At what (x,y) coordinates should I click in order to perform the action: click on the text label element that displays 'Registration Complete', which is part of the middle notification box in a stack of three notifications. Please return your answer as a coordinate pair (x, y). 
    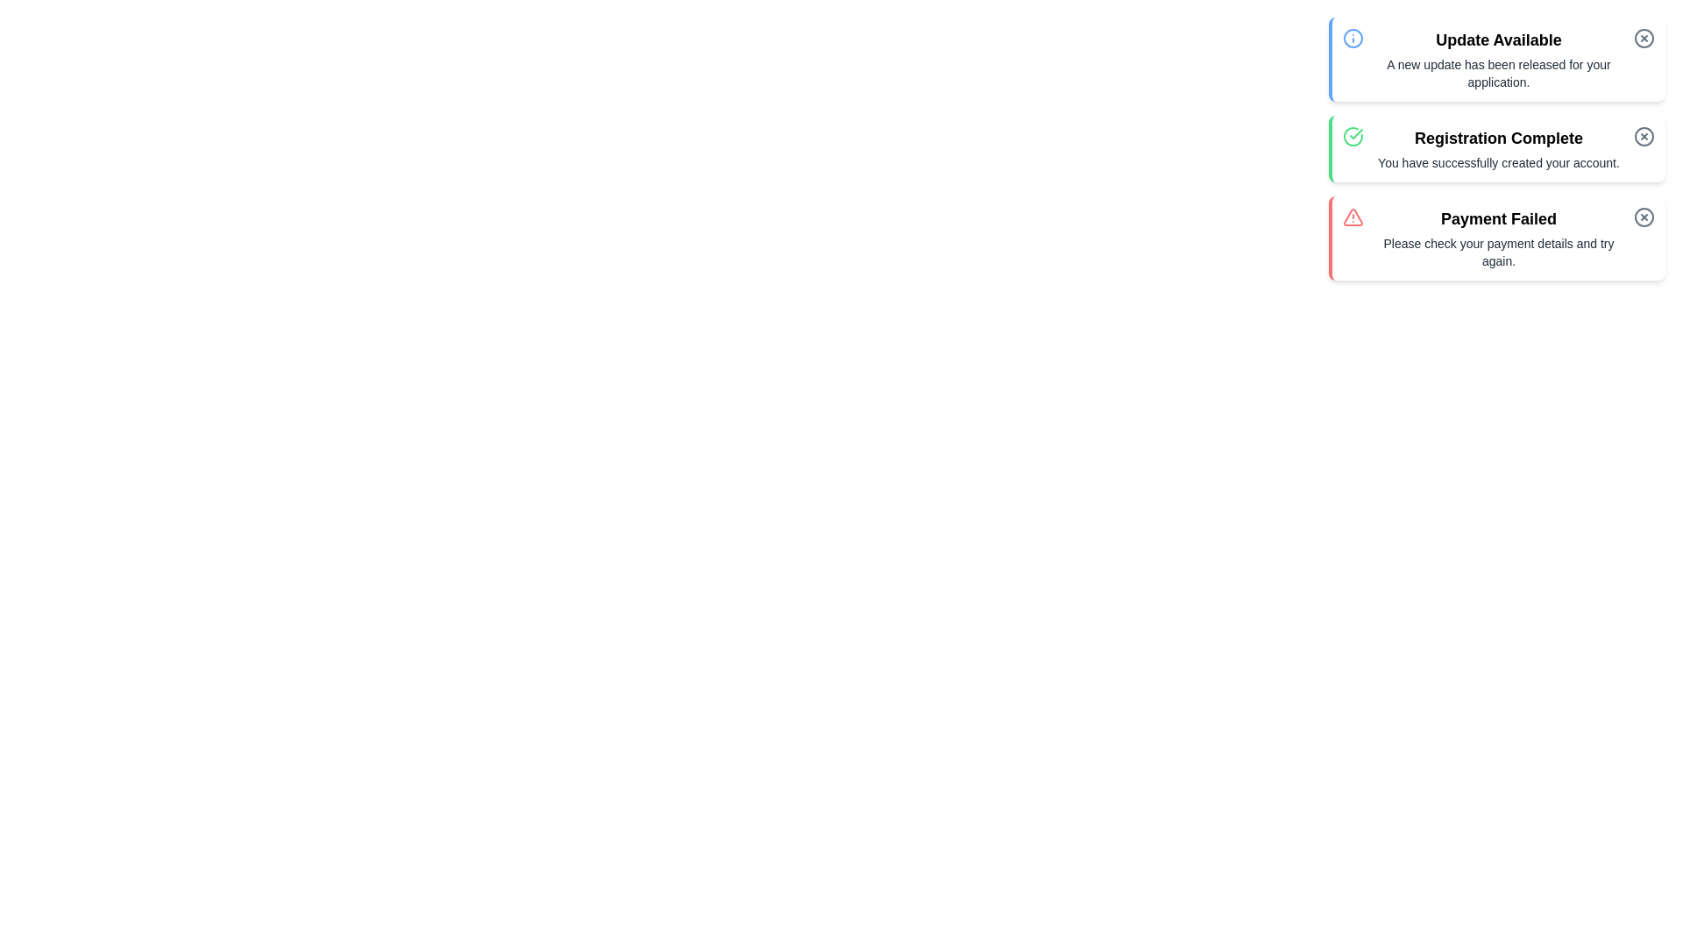
    Looking at the image, I should click on (1497, 138).